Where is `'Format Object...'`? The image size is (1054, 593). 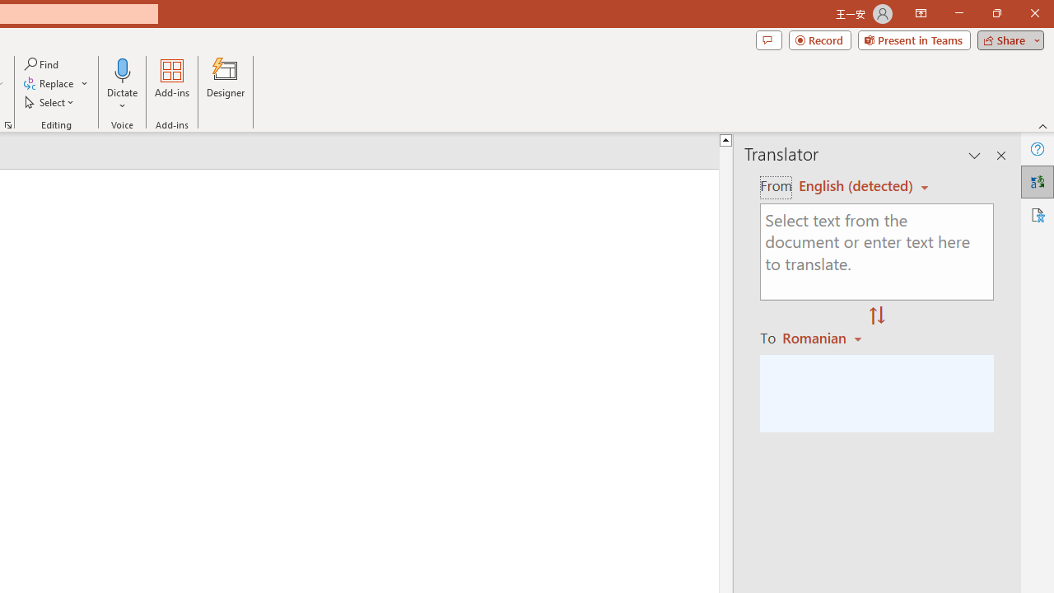
'Format Object...' is located at coordinates (8, 124).